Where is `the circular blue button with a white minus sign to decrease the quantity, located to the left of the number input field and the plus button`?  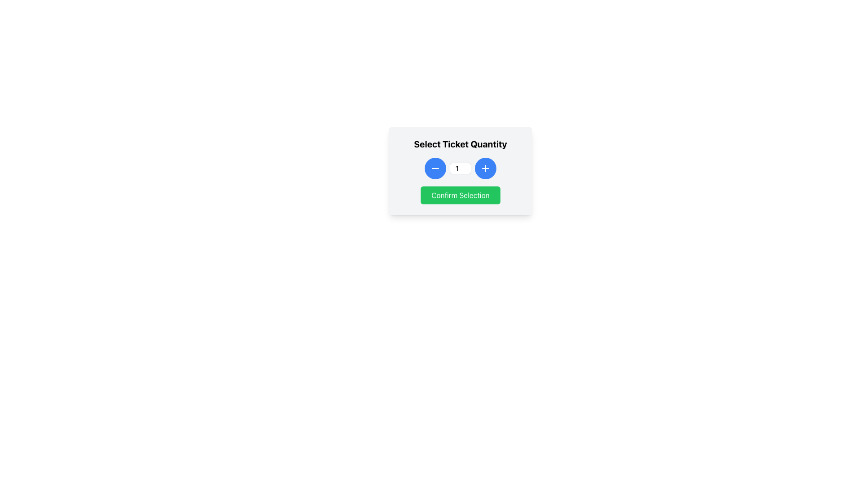
the circular blue button with a white minus sign to decrease the quantity, located to the left of the number input field and the plus button is located at coordinates (435, 168).